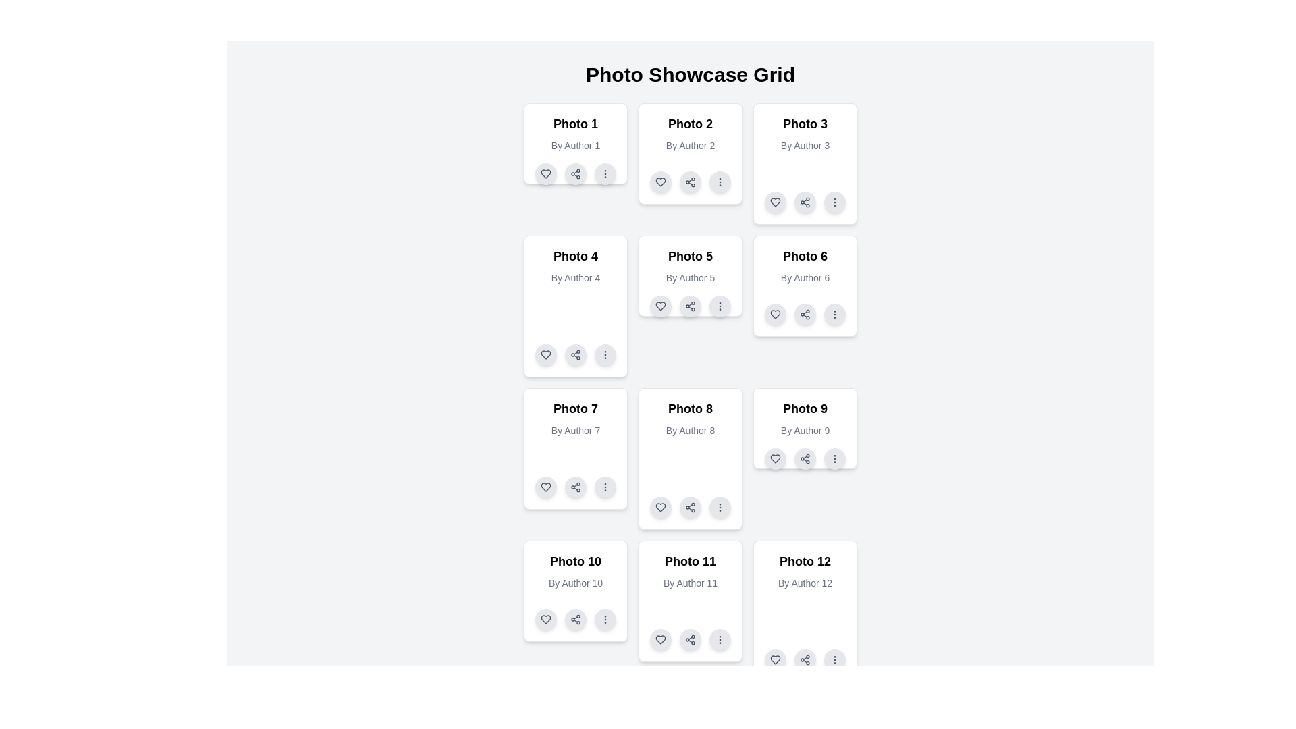 The height and width of the screenshot is (729, 1296). I want to click on the share button for 'Photo 10' by 'Author 10' to change its background color. This button is the second in a horizontal alignment at the bottom of the card, positioned between the heart button and the ellipsis button, so click(576, 620).